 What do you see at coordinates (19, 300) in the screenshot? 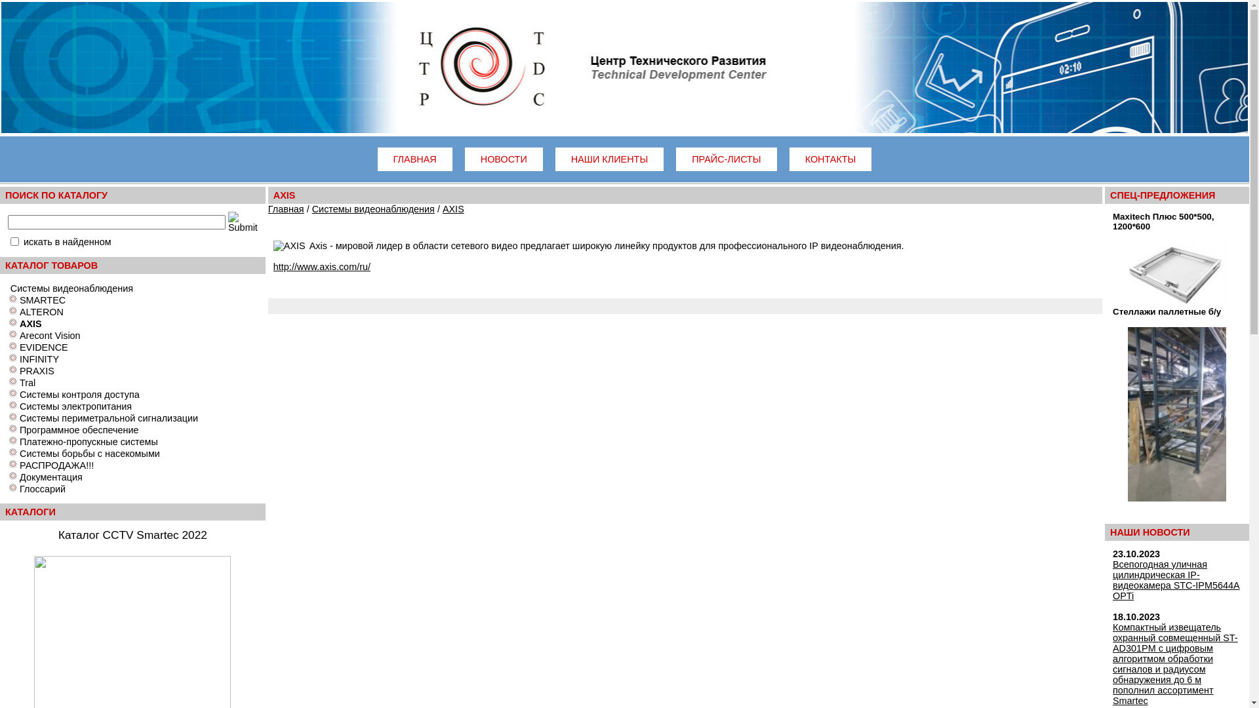
I see `'SMARTEC'` at bounding box center [19, 300].